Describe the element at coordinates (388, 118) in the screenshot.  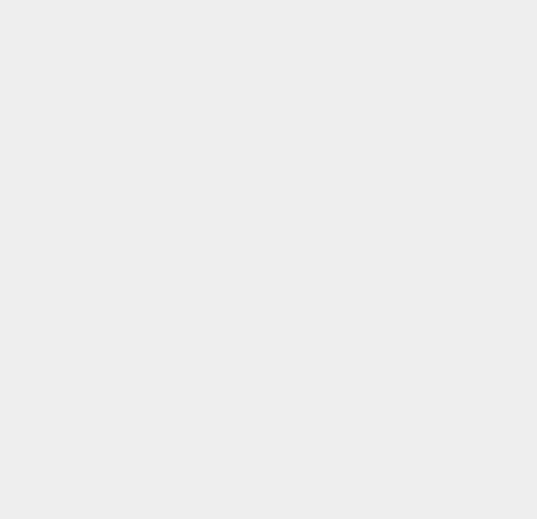
I see `'Cloud'` at that location.